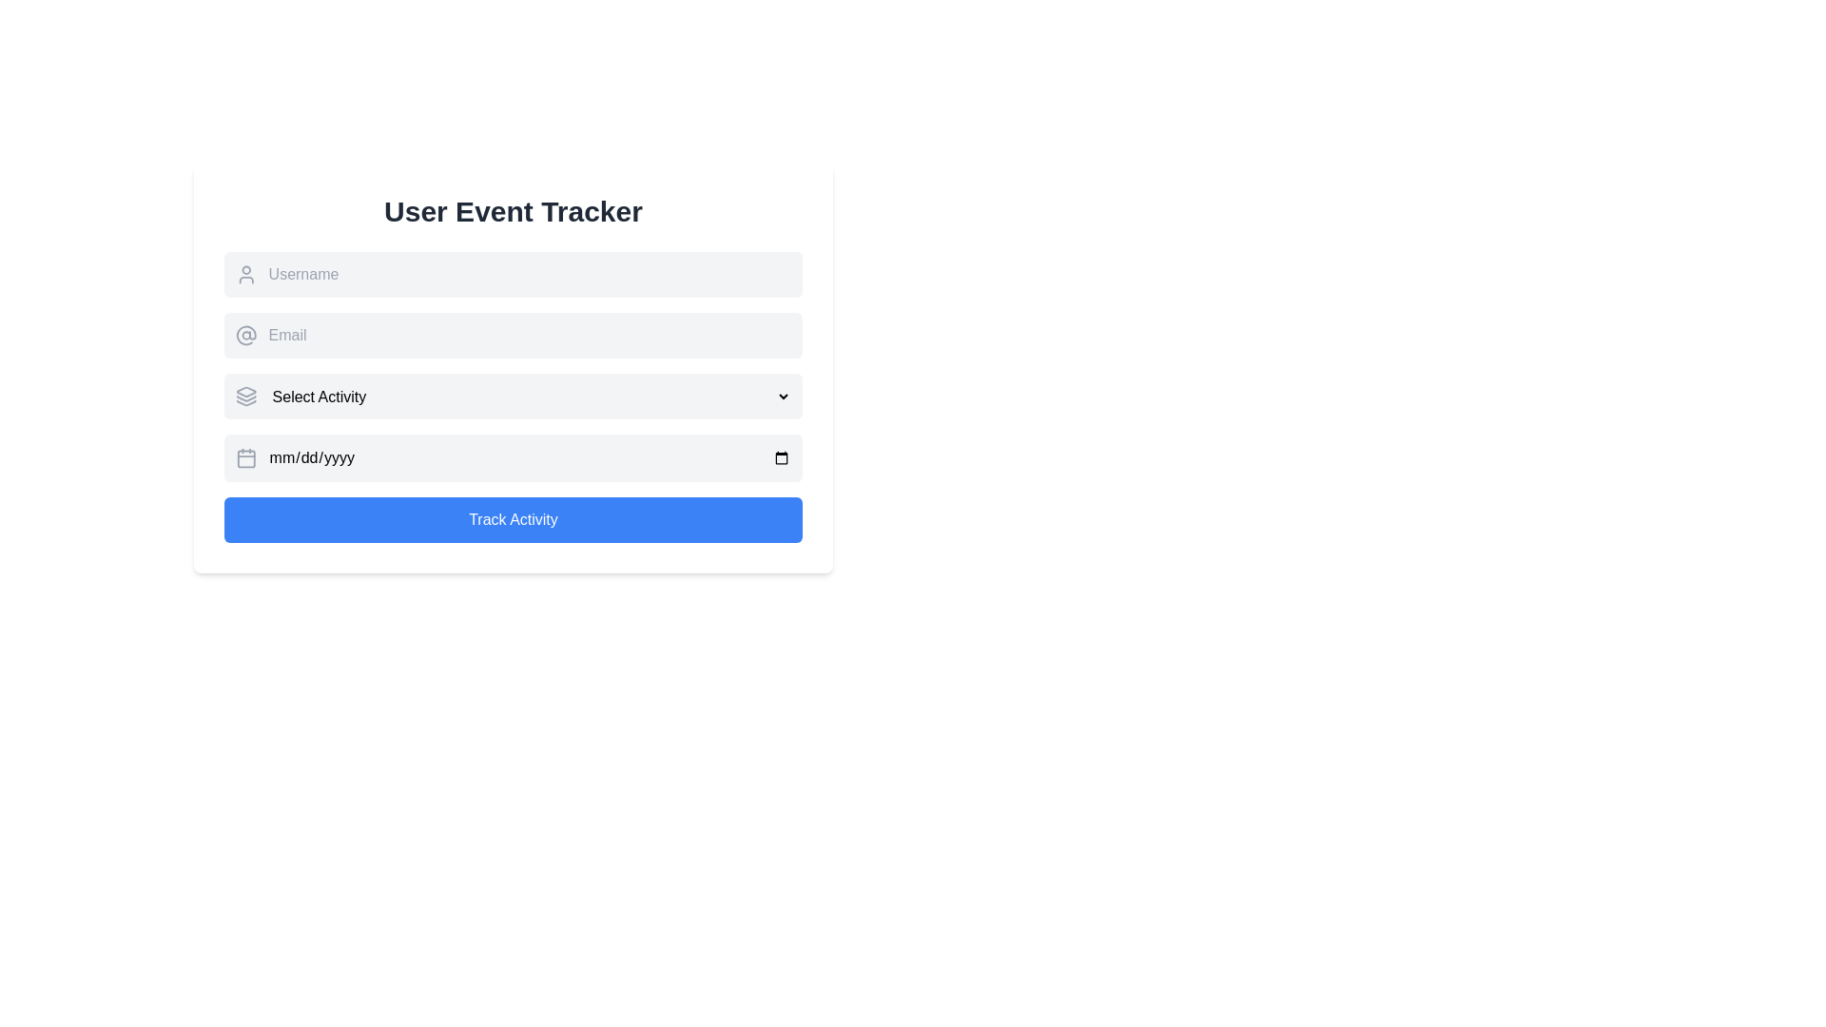 This screenshot has height=1027, width=1826. Describe the element at coordinates (530, 275) in the screenshot. I see `the username input field located centrally beneath the title 'User Event Tracker' to see the cursor appear` at that location.